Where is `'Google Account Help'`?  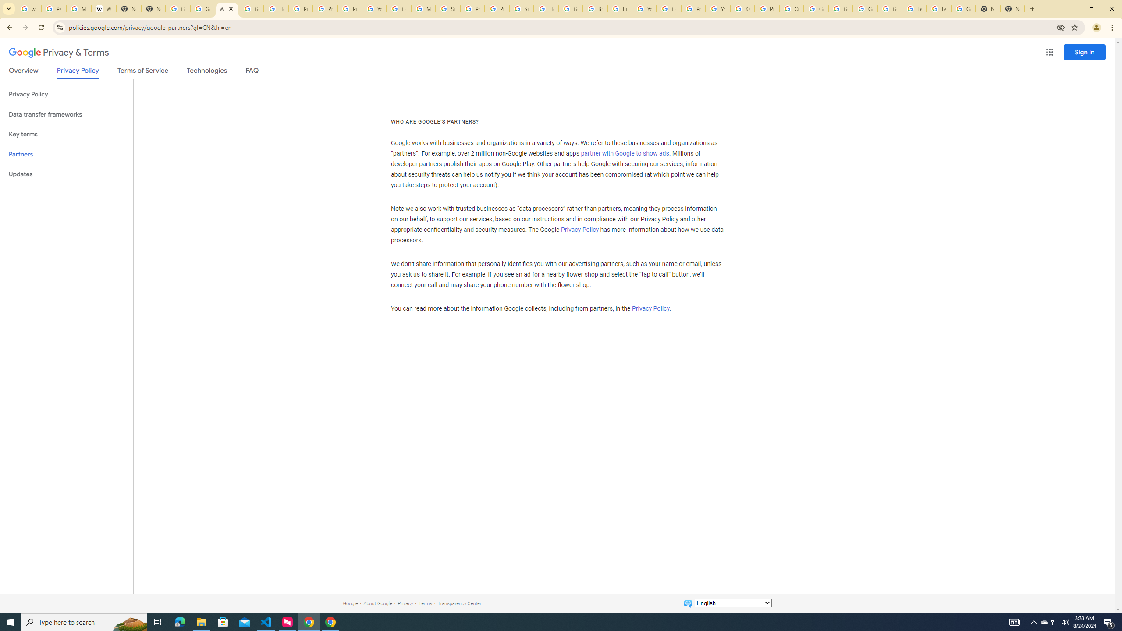 'Google Account Help' is located at coordinates (865, 8).